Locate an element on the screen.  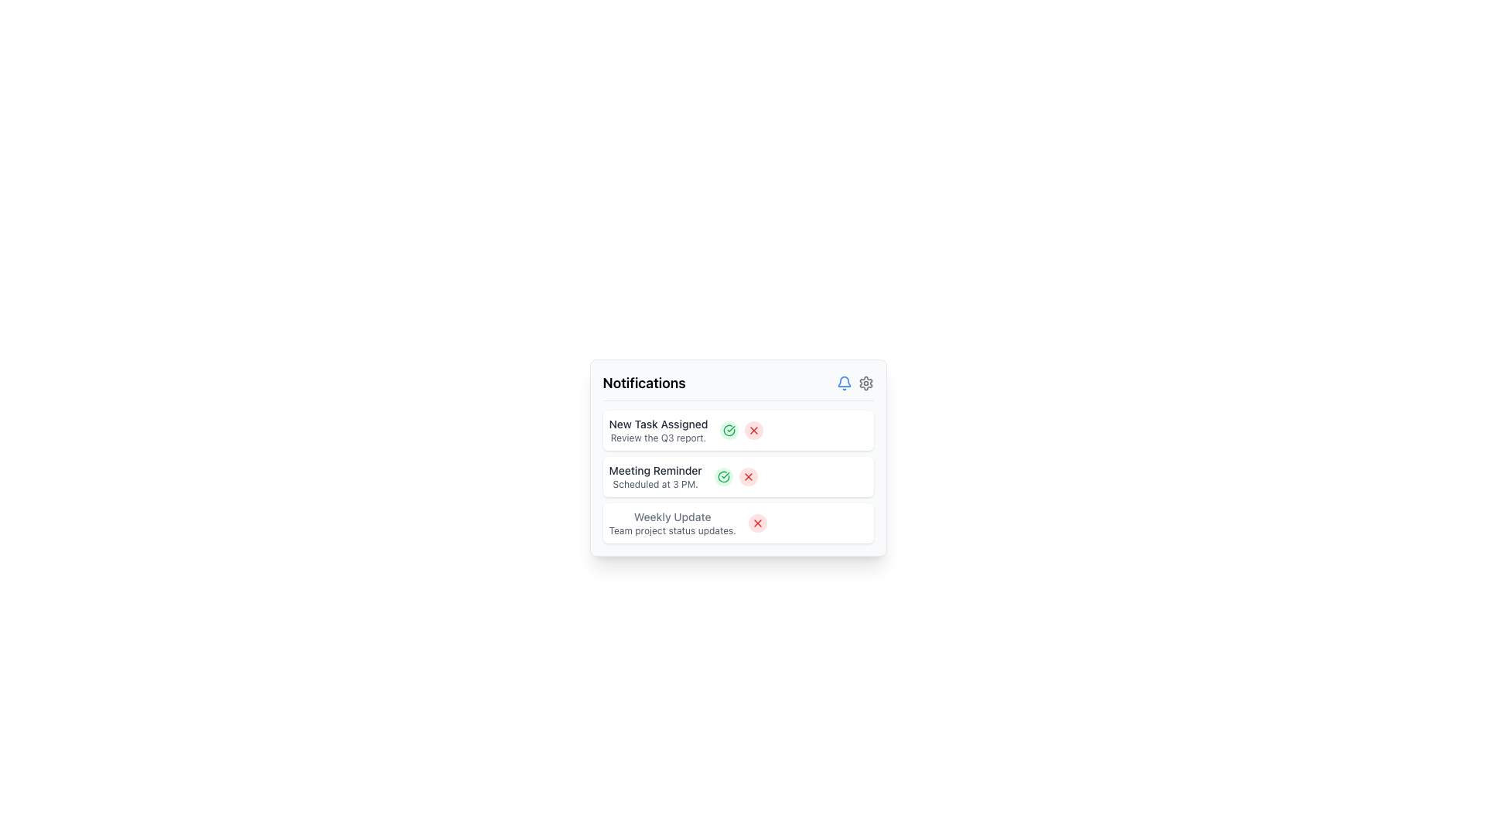
text content of the Text Label/Description Group displaying 'Weekly Update' and 'Team project status updates.' is located at coordinates (672, 523).